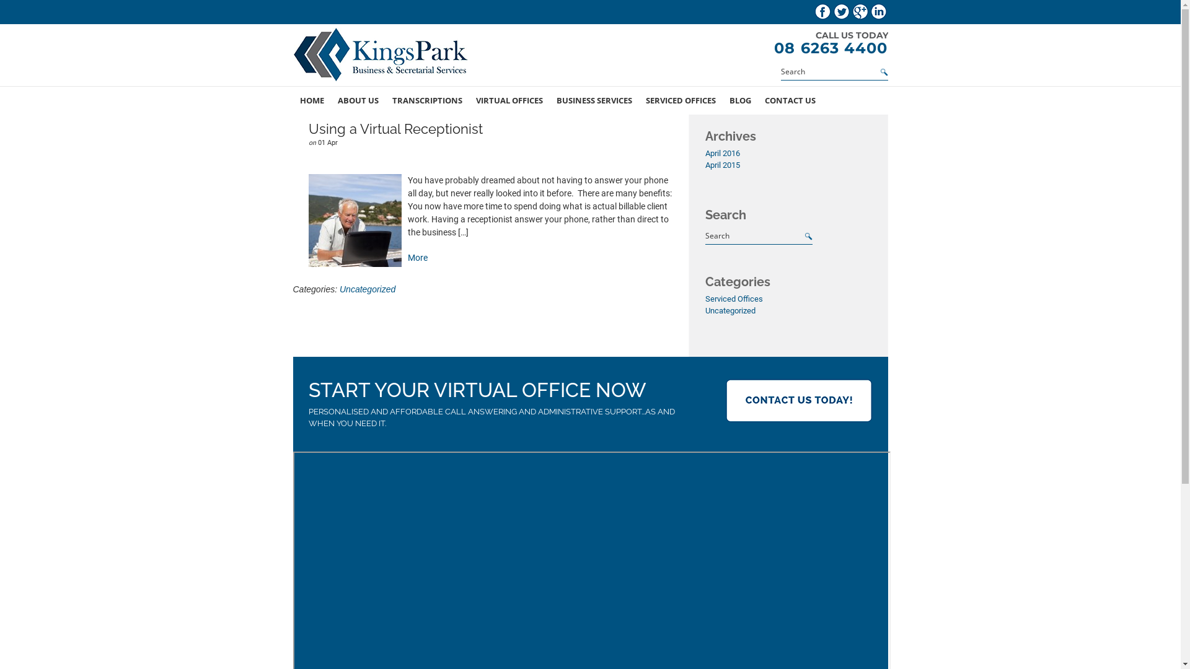  I want to click on 'April 2016', so click(723, 152).